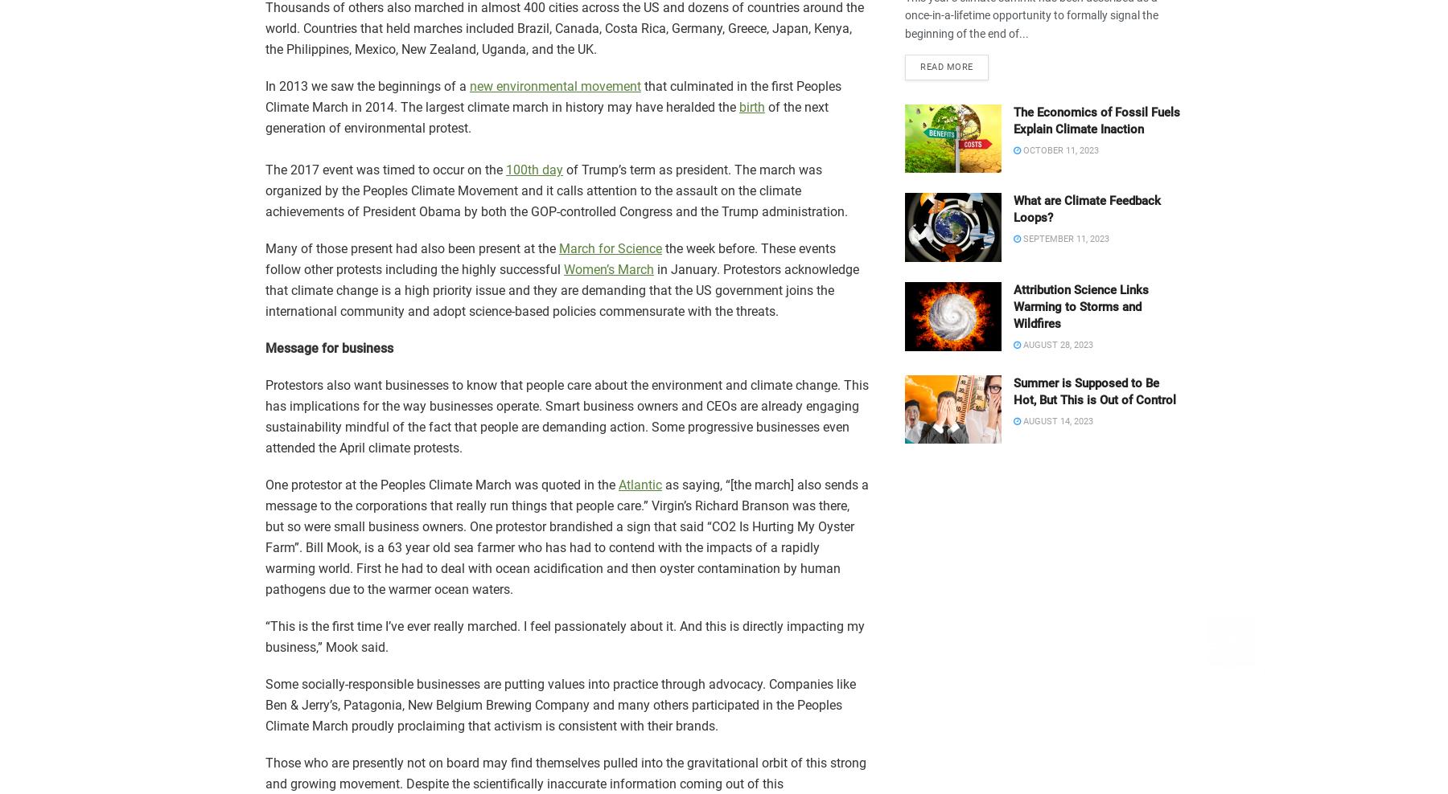  What do you see at coordinates (554, 86) in the screenshot?
I see `'new environmental movement'` at bounding box center [554, 86].